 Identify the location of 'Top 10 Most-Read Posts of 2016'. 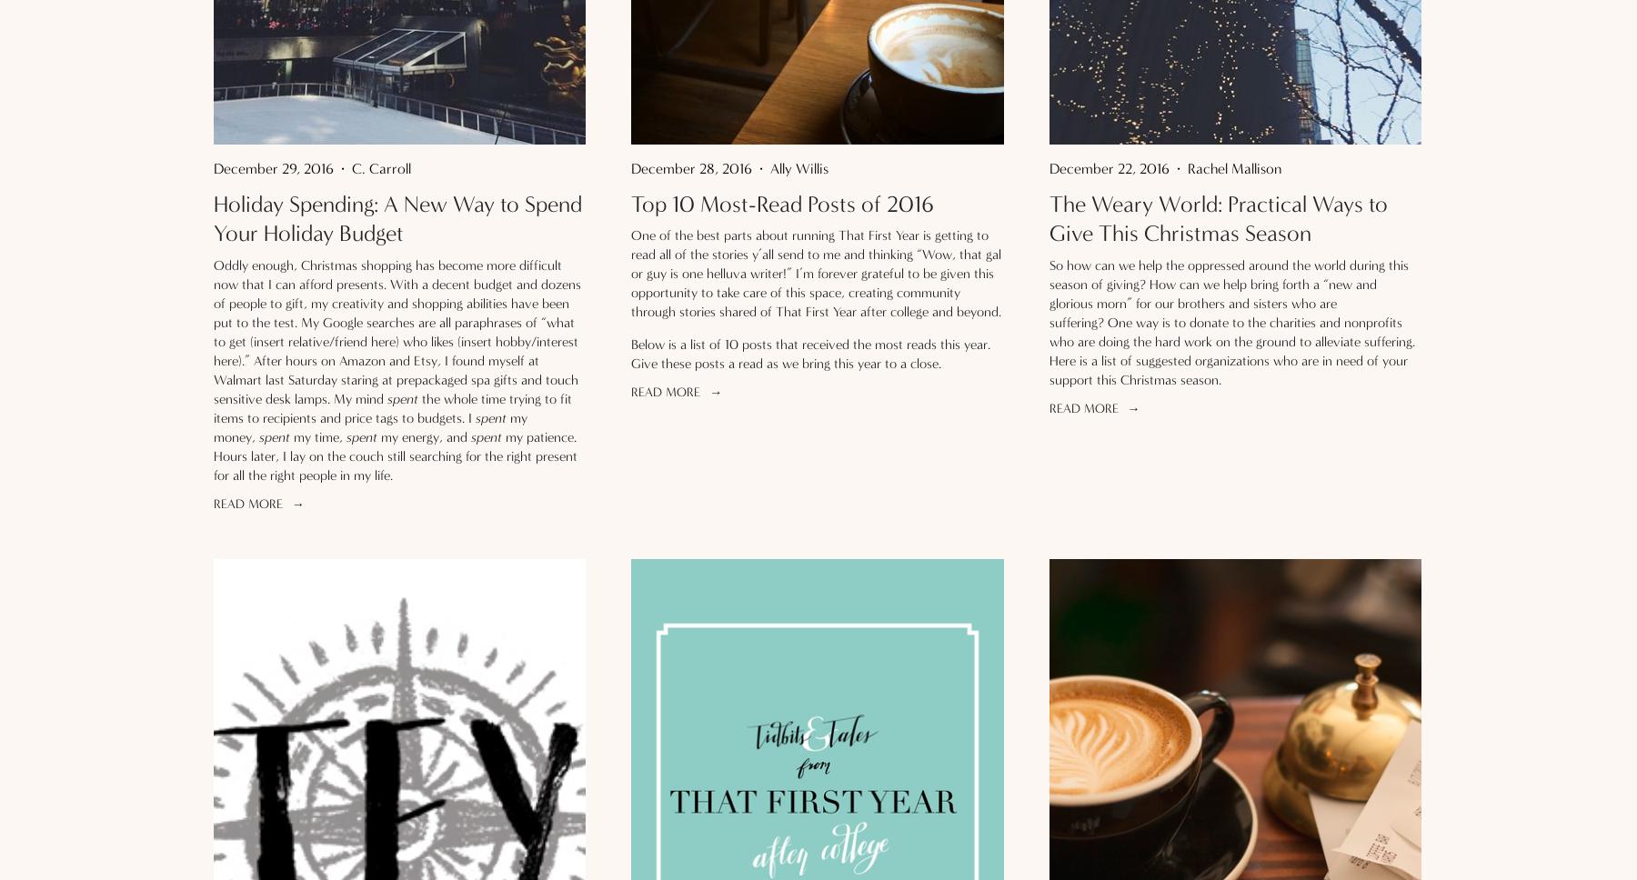
(782, 202).